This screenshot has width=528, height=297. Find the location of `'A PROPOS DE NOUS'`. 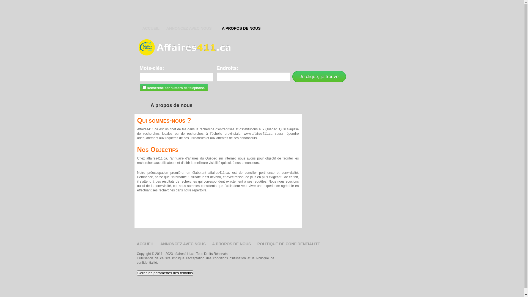

'A PROPOS DE NOUS' is located at coordinates (231, 244).